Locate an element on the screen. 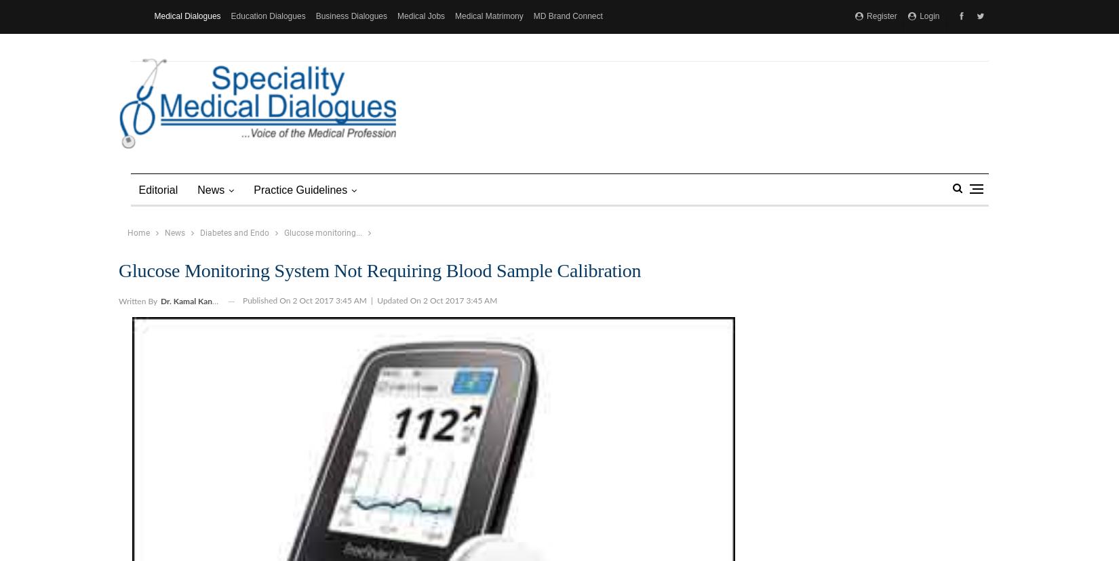 Image resolution: width=1119 pixels, height=561 pixels. 'Medical Dialogues' is located at coordinates (187, 16).